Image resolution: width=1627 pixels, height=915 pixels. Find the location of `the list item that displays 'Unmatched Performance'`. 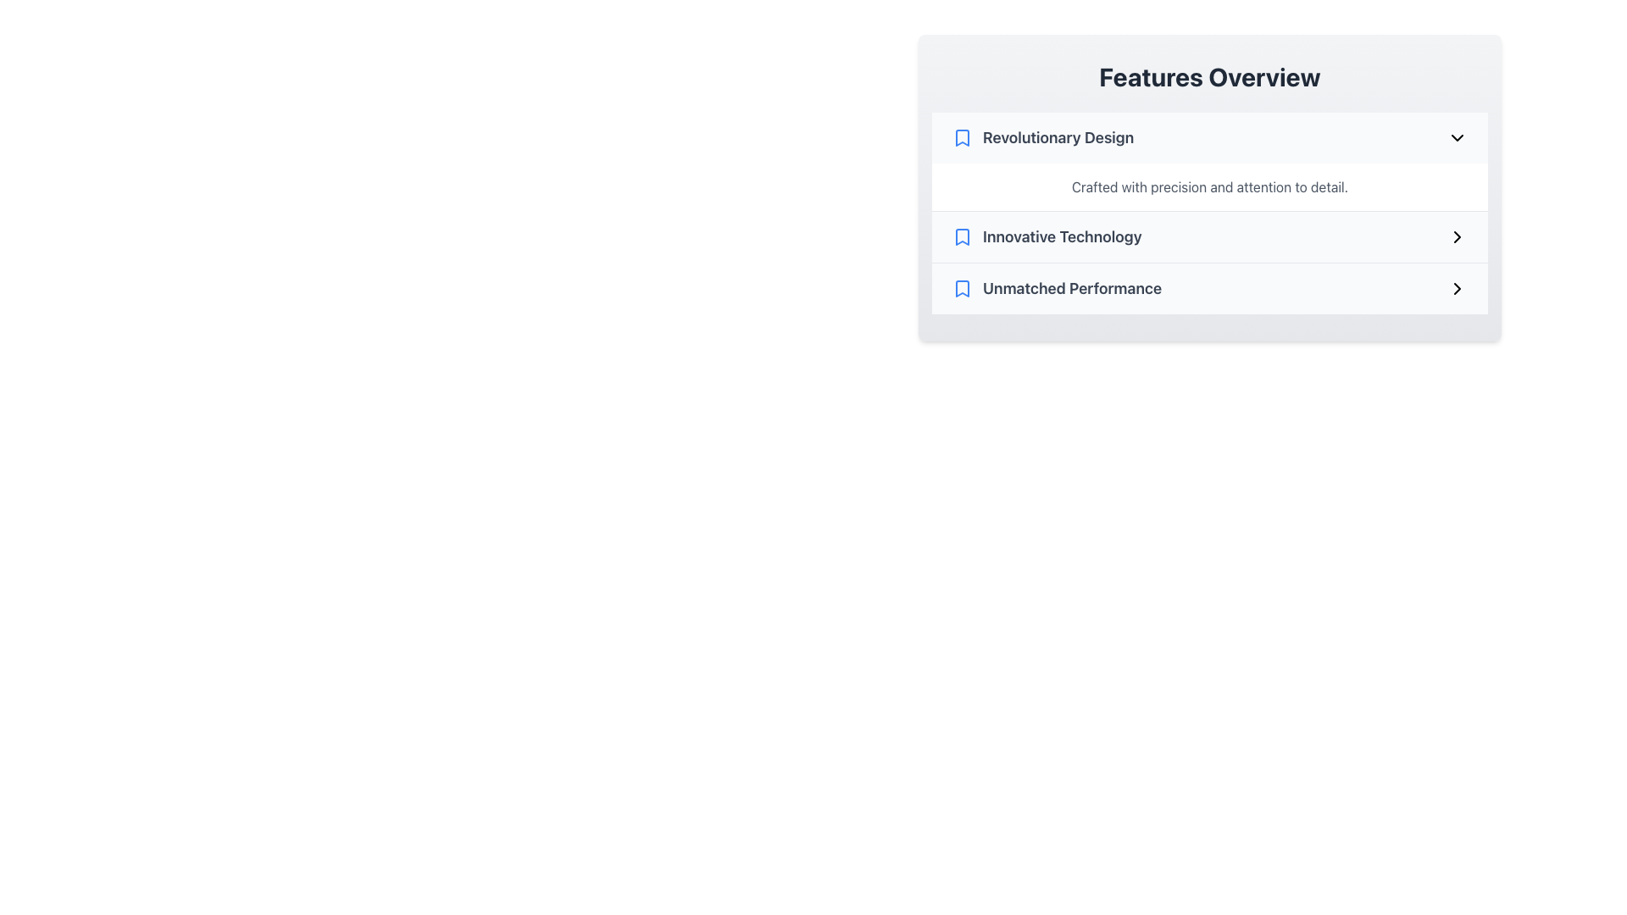

the list item that displays 'Unmatched Performance' is located at coordinates (1209, 287).